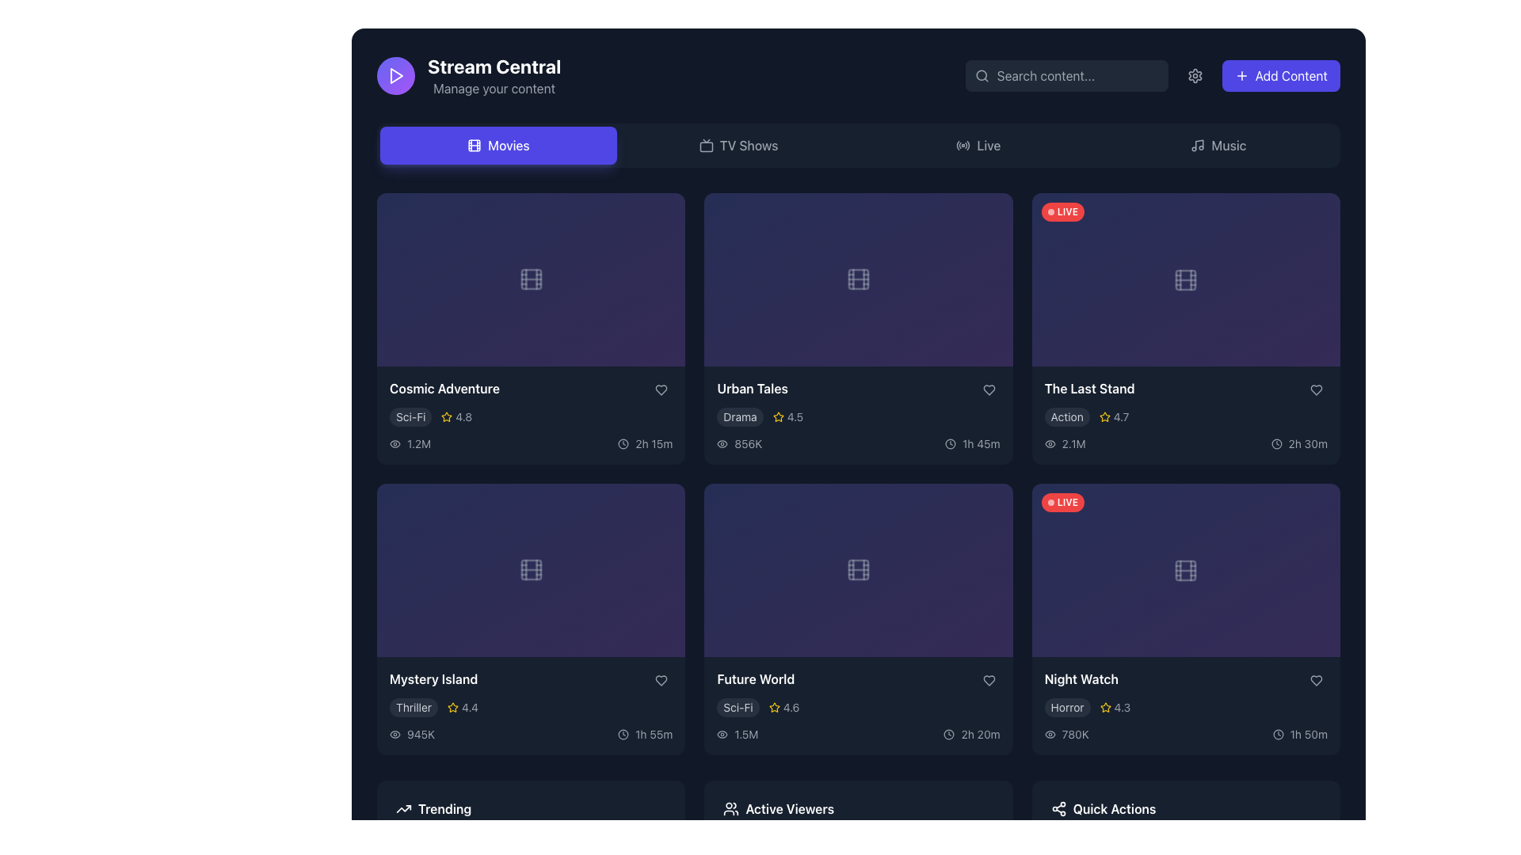 This screenshot has height=855, width=1521. Describe the element at coordinates (623, 734) in the screenshot. I see `the non-interactive SVG circle component that serves as the circular boundary for the clock icon, located in the bottom-right corner of the right tile in the second row of the grid layout` at that location.